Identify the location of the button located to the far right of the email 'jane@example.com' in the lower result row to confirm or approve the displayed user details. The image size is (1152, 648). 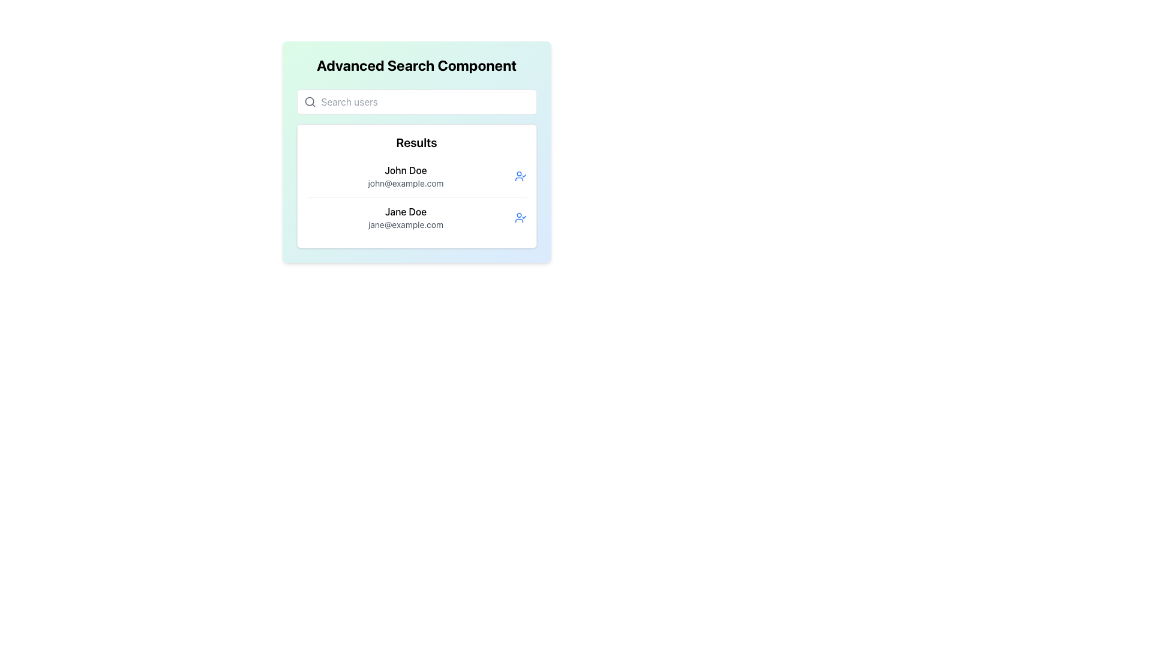
(520, 217).